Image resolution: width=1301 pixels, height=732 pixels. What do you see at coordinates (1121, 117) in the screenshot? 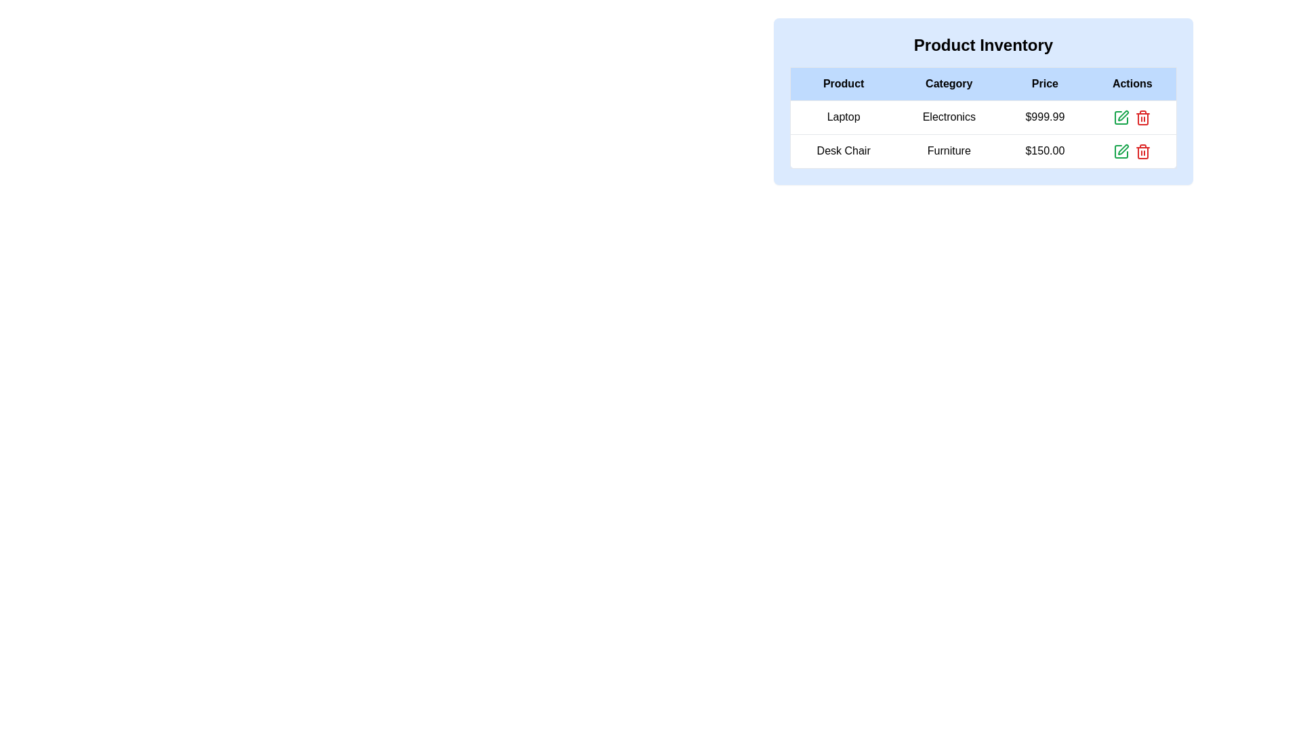
I see `the edit icon located in the second action button of the 'Actions' column in the second row of the table` at bounding box center [1121, 117].